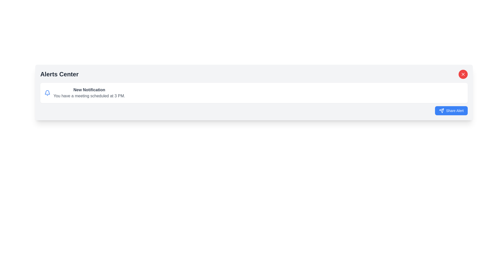  I want to click on the close icon button with a red background and white 'X' symbol located at the top-right corner of the notification card, so click(463, 74).